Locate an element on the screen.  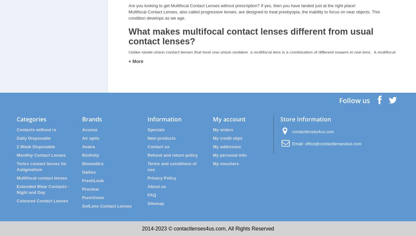
'My account' is located at coordinates (229, 118).